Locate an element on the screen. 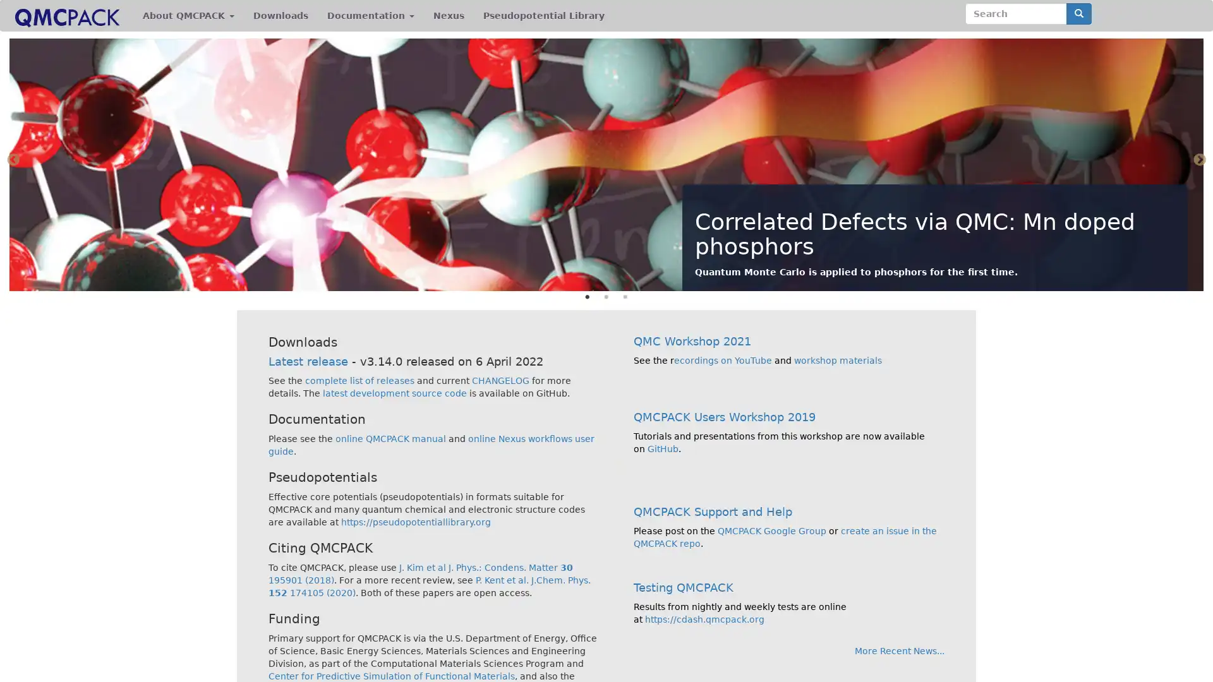  Search is located at coordinates (1078, 14).